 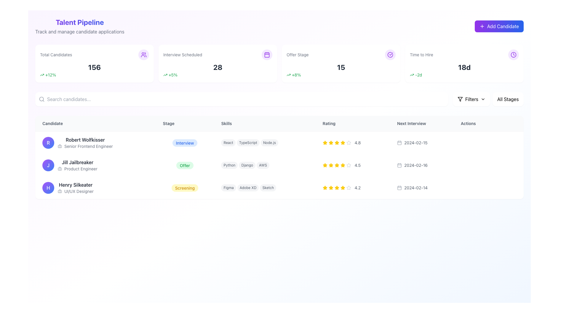 What do you see at coordinates (503, 26) in the screenshot?
I see `the 'Add Candidate' text label located within the button in the top-right corner of the interface` at bounding box center [503, 26].